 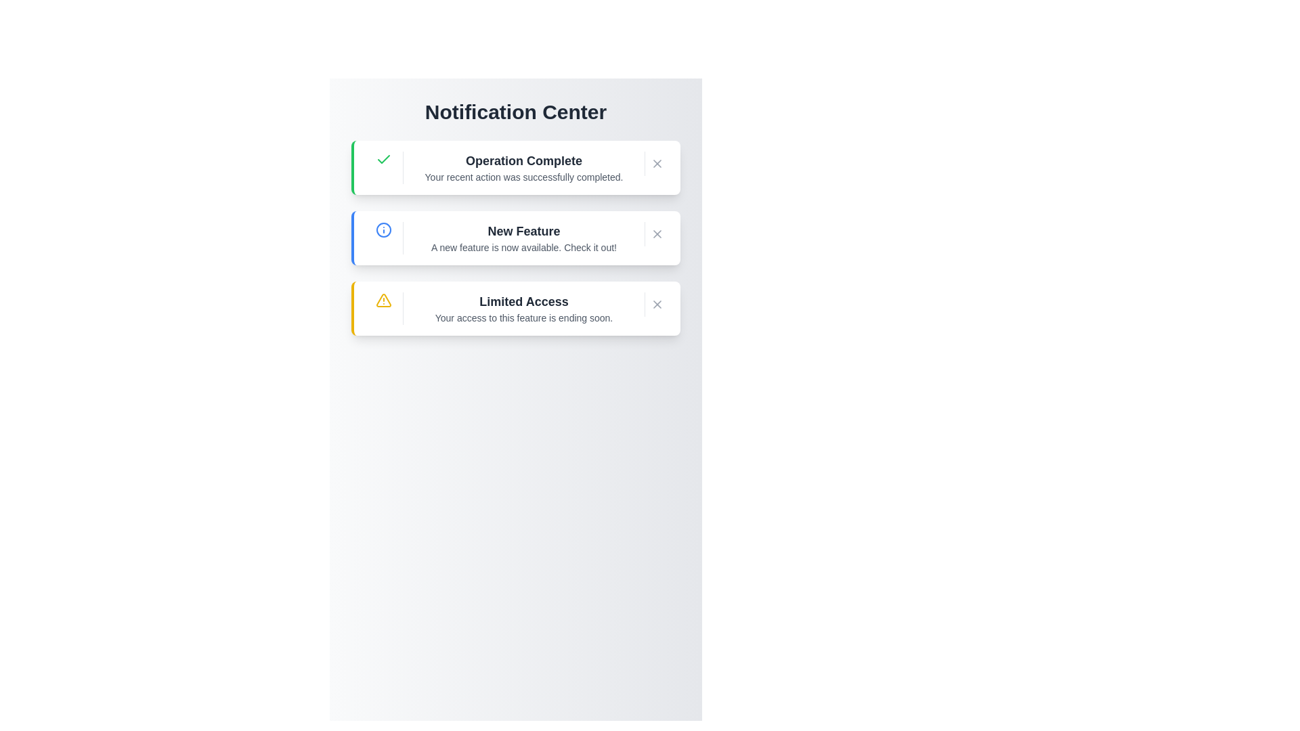 I want to click on the warning icon located to the left of the 'Limited Access' text in the third notification card of the Notification Center, so click(x=383, y=299).